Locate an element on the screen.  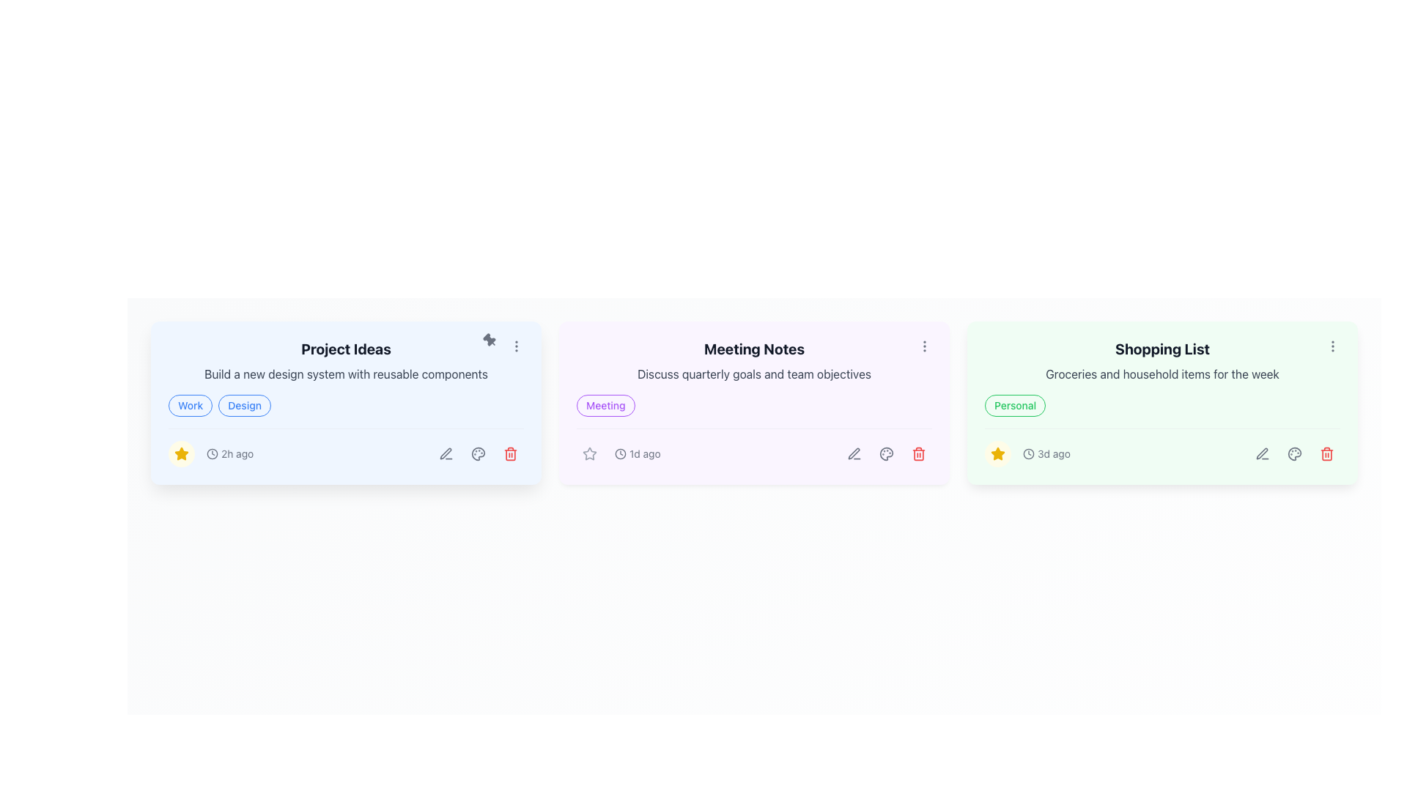
the delete icon located in the lower-right corner of the third card labeled 'Shopping List' is located at coordinates (1326, 453).